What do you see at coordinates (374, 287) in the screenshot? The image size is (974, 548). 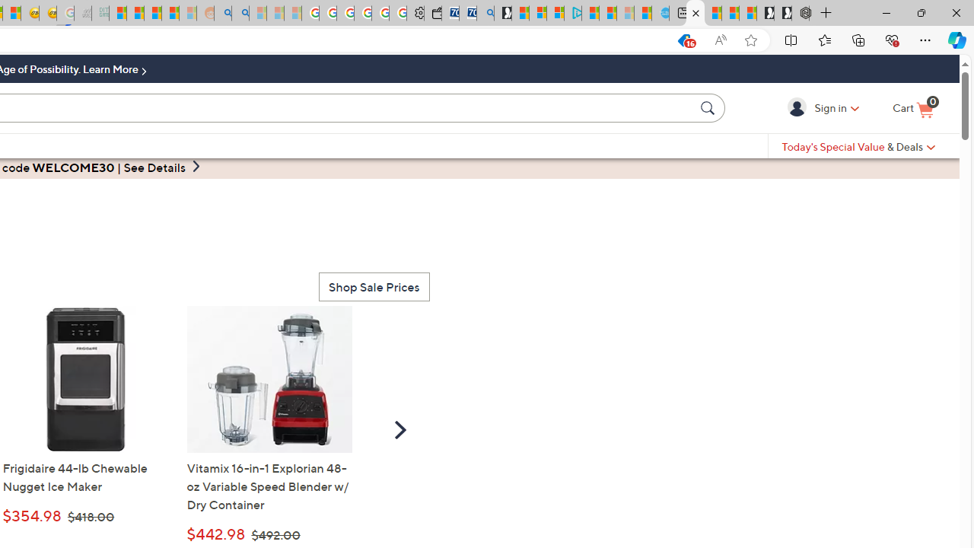 I see `'Shop Sale Prices'` at bounding box center [374, 287].